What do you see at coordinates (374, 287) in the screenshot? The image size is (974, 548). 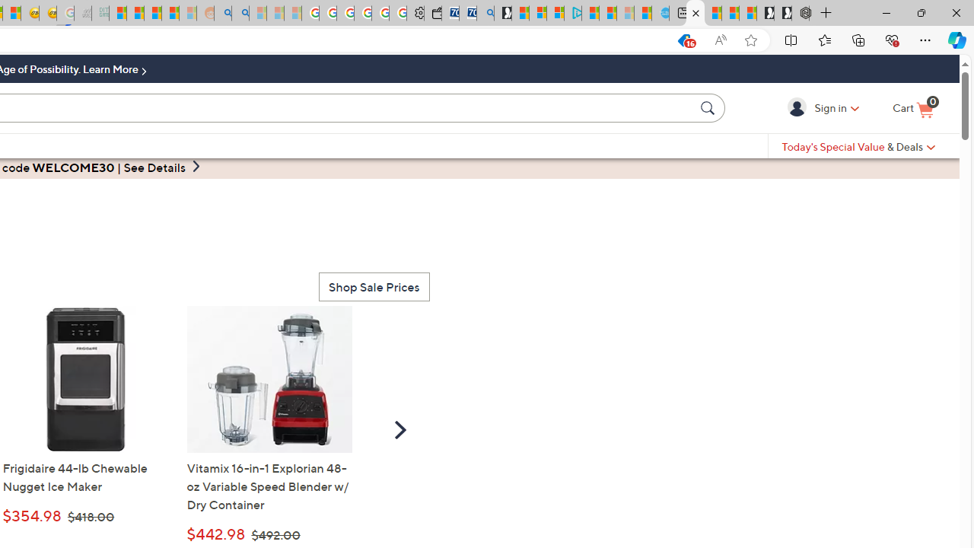 I see `'Shop Sale Prices'` at bounding box center [374, 287].